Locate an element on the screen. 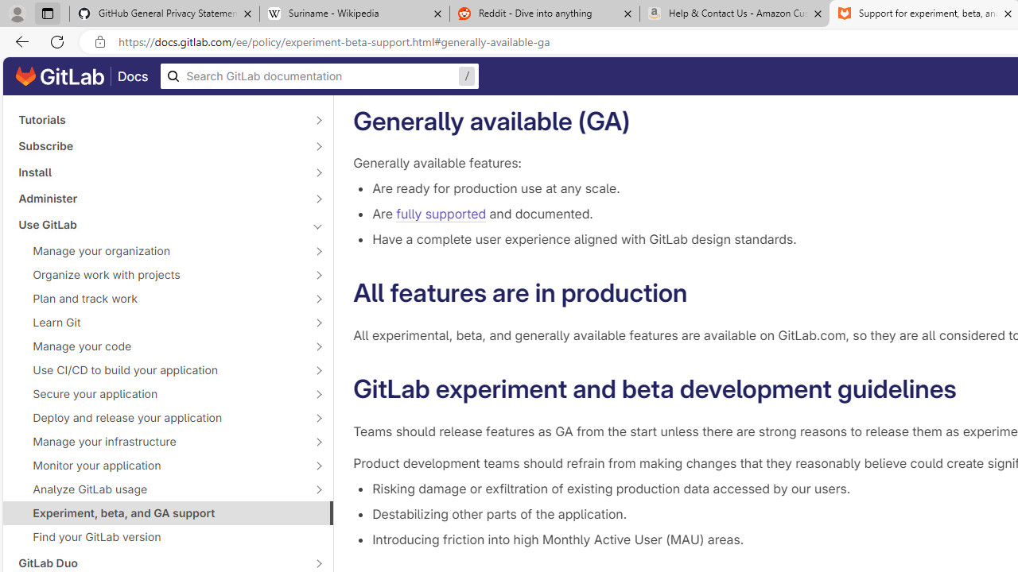 This screenshot has height=572, width=1018. 'Help & Contact Us - Amazon Customer Service - Sleeping' is located at coordinates (734, 14).